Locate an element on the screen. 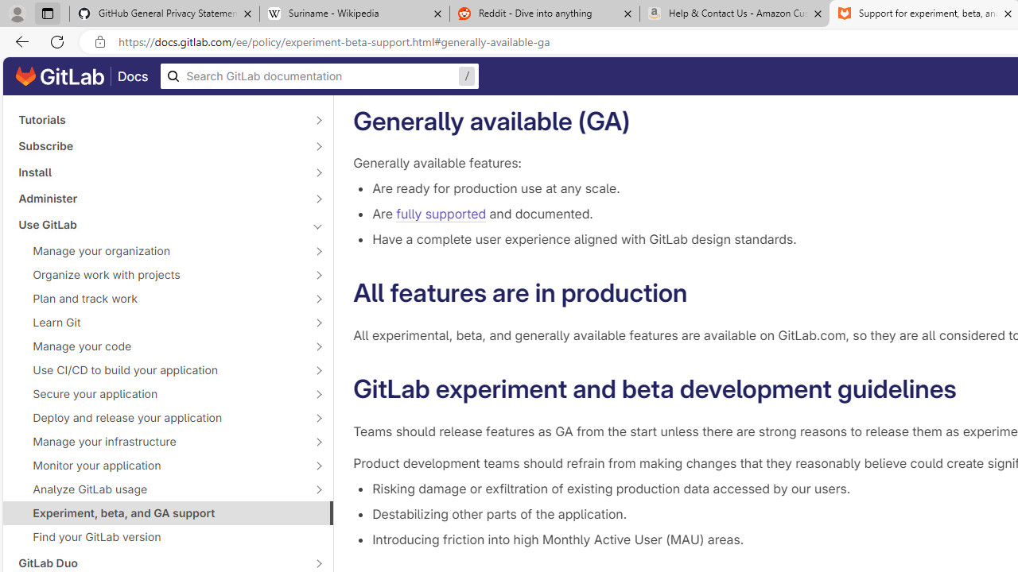 This screenshot has height=572, width=1018. 'Help & Contact Us - Amazon Customer Service - Sleeping' is located at coordinates (734, 14).